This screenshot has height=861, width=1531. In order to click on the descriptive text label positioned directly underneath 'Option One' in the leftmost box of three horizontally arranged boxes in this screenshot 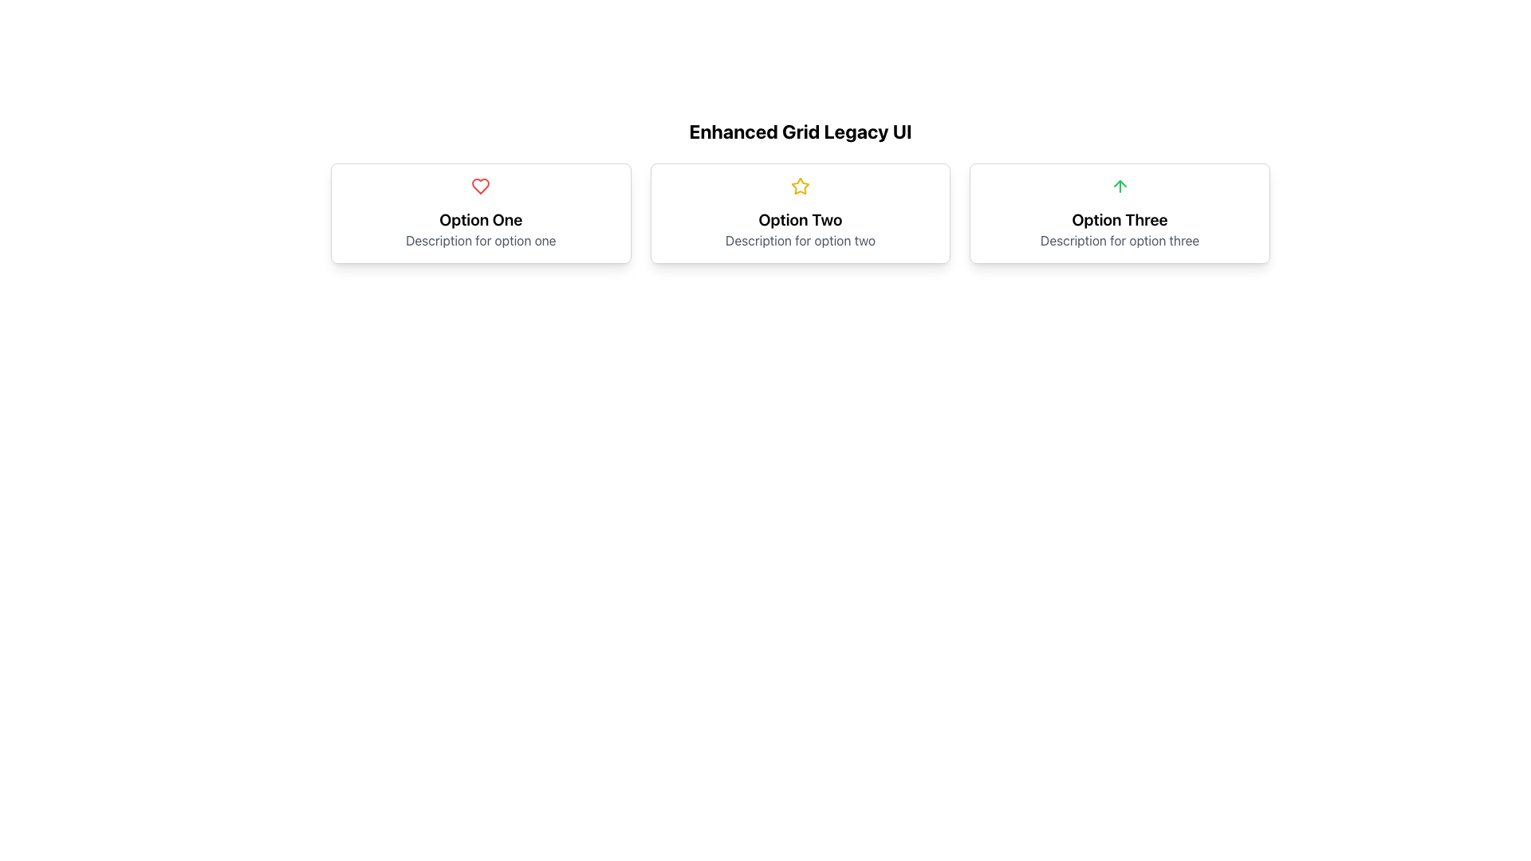, I will do `click(480, 240)`.